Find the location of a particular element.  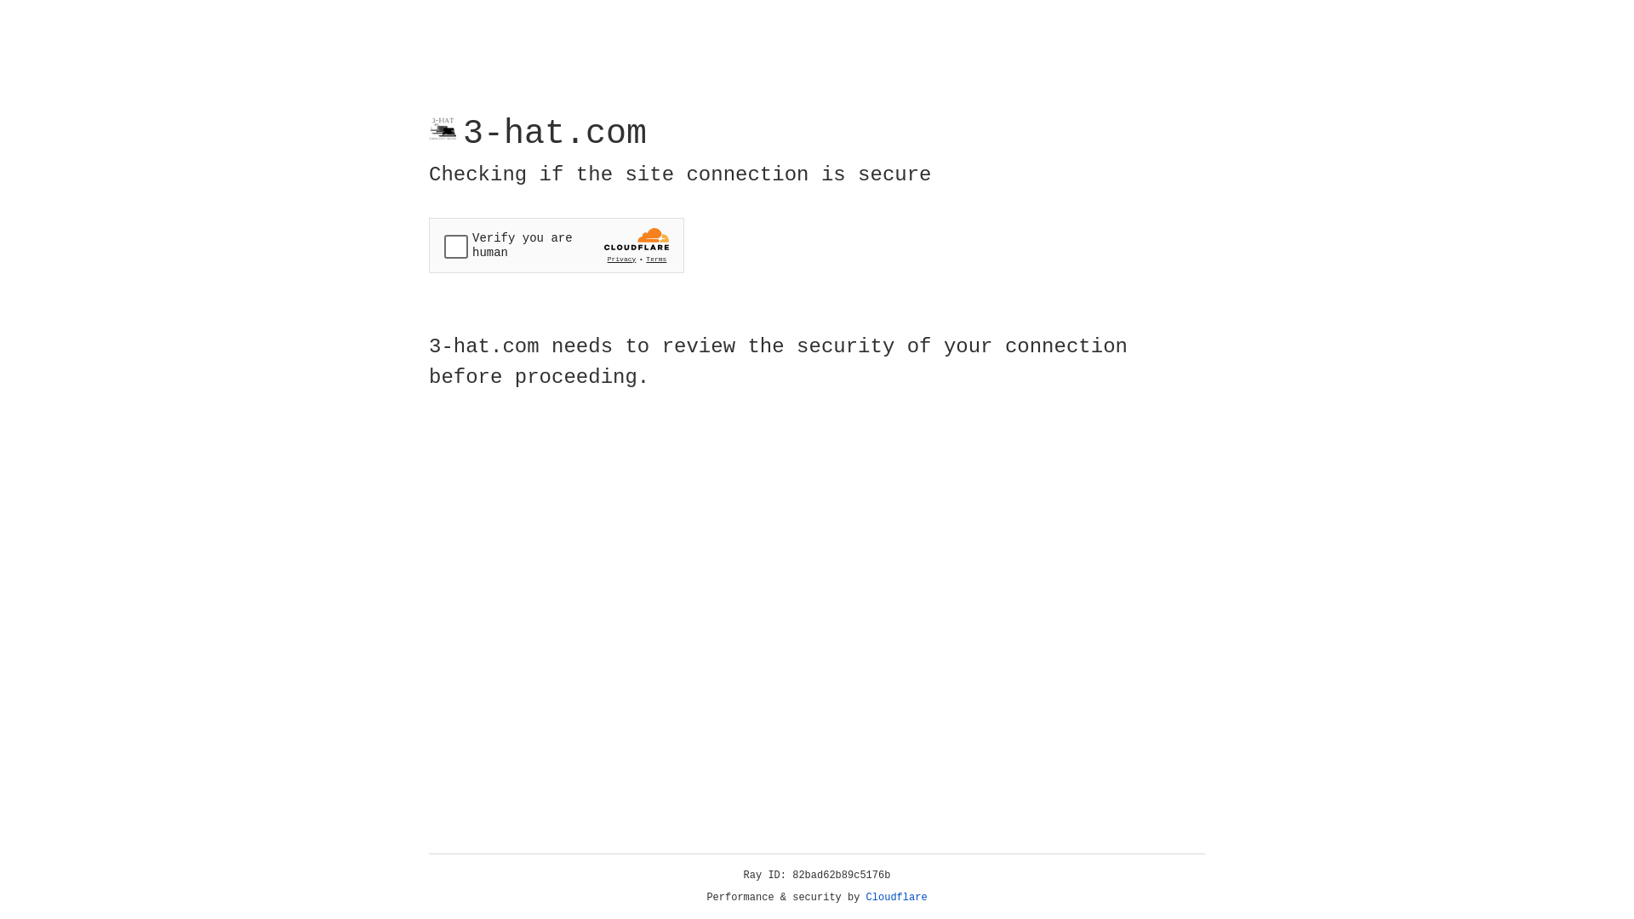

'Widget containing a Cloudflare security challenge' is located at coordinates (556, 245).